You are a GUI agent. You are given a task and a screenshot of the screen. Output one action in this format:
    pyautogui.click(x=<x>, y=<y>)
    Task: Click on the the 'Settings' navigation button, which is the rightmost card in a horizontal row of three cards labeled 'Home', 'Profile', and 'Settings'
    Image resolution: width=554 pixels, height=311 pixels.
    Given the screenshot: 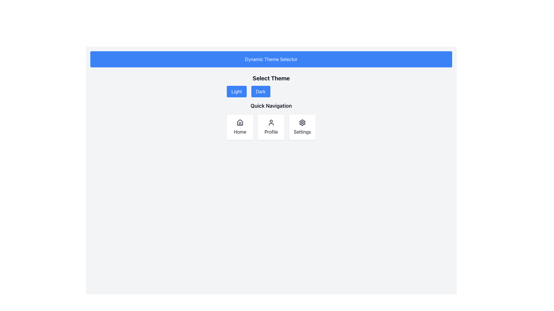 What is the action you would take?
    pyautogui.click(x=302, y=127)
    